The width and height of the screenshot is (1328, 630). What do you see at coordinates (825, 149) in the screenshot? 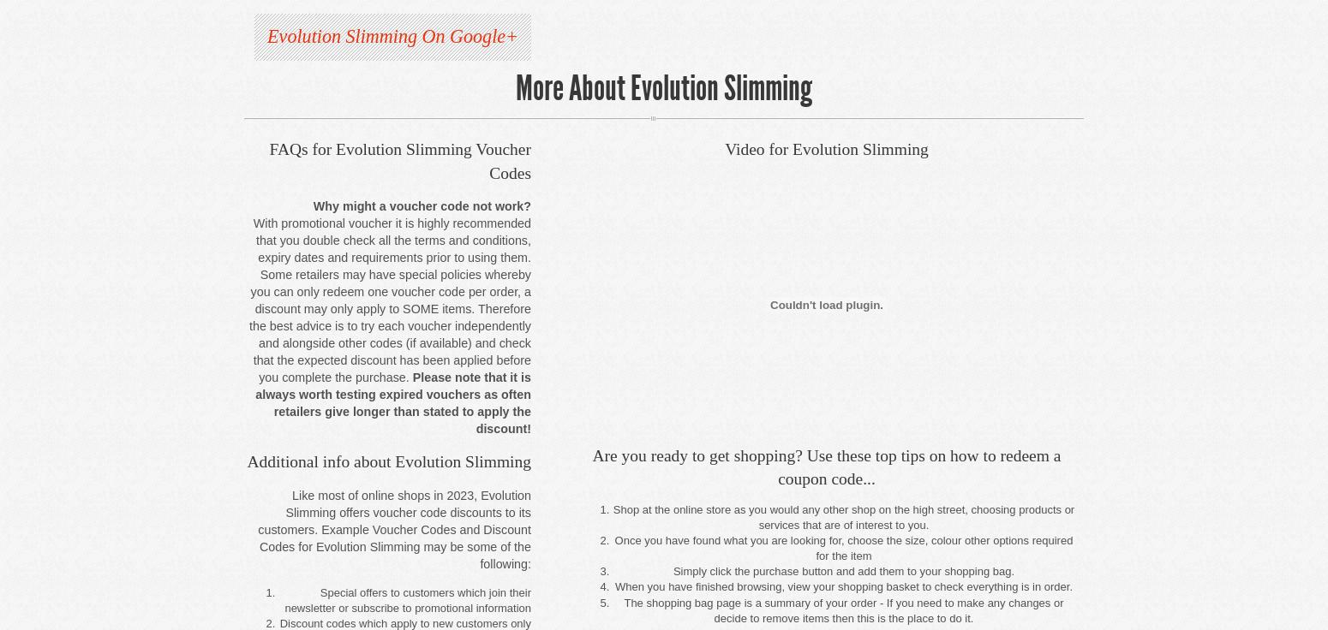
I see `'Video for Evolution Slimming'` at bounding box center [825, 149].